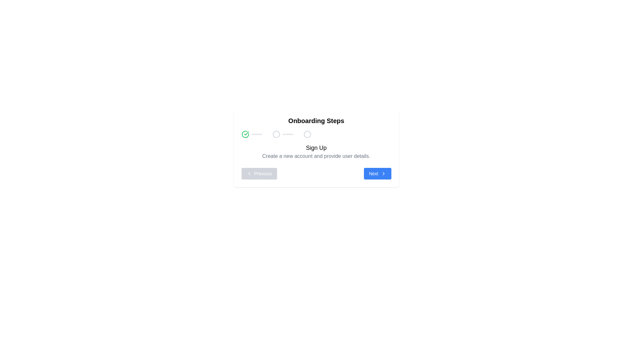 Image resolution: width=620 pixels, height=348 pixels. What do you see at coordinates (377, 173) in the screenshot?
I see `the navigation button located at the bottom right of the onboarding step interface` at bounding box center [377, 173].